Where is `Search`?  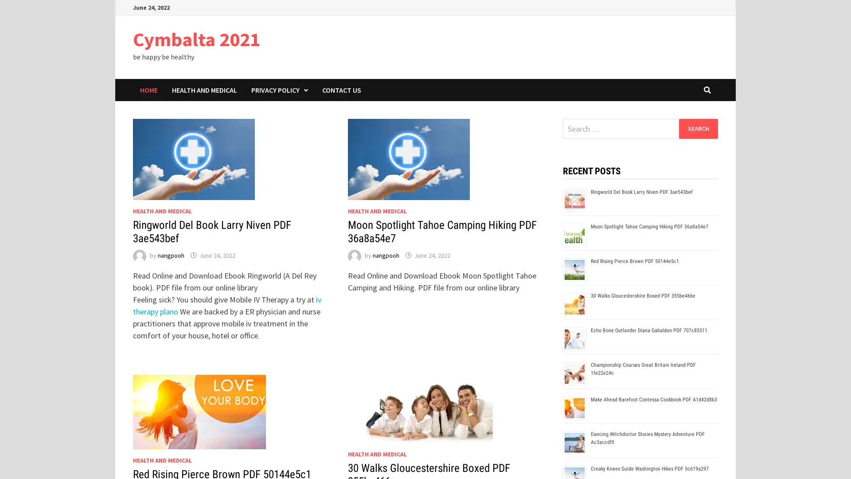
Search is located at coordinates (698, 128).